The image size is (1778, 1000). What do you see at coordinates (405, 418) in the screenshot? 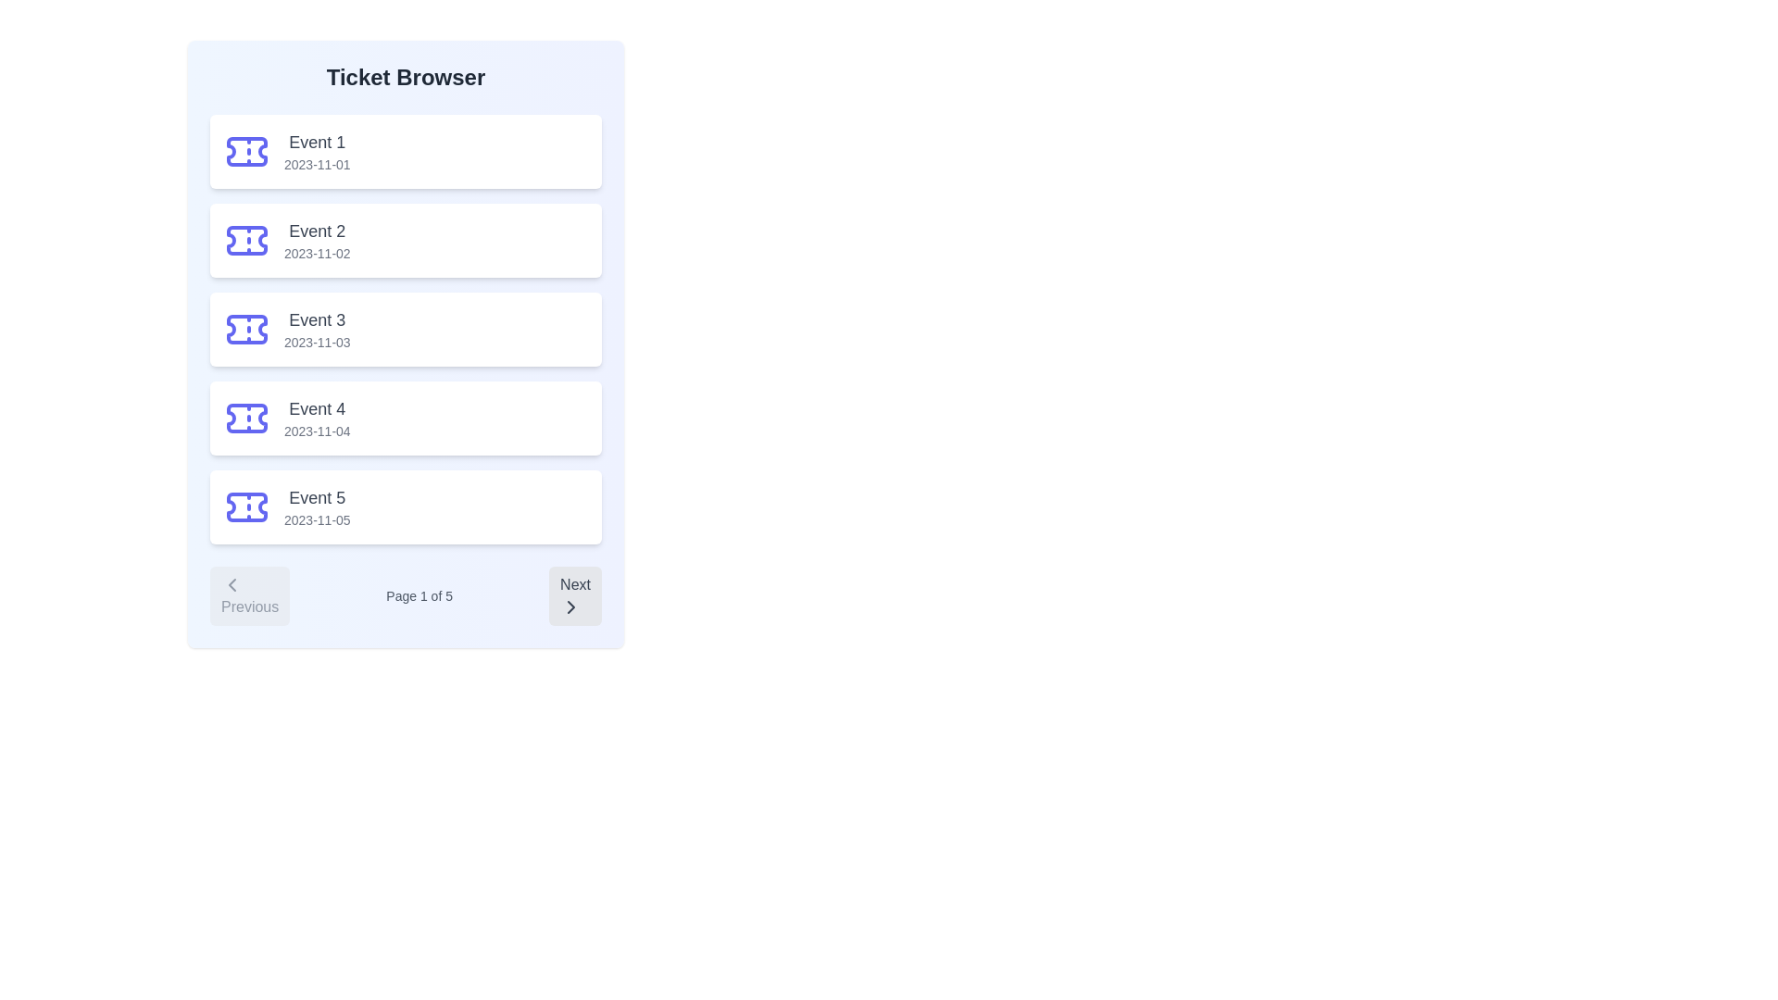
I see `the event entry card displaying 'Event 4' and date '2023-11-04', which is the fourth item in the list of events` at bounding box center [405, 418].